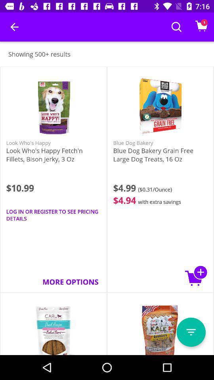  What do you see at coordinates (196, 275) in the screenshot?
I see `the item below blue dog bakery` at bounding box center [196, 275].